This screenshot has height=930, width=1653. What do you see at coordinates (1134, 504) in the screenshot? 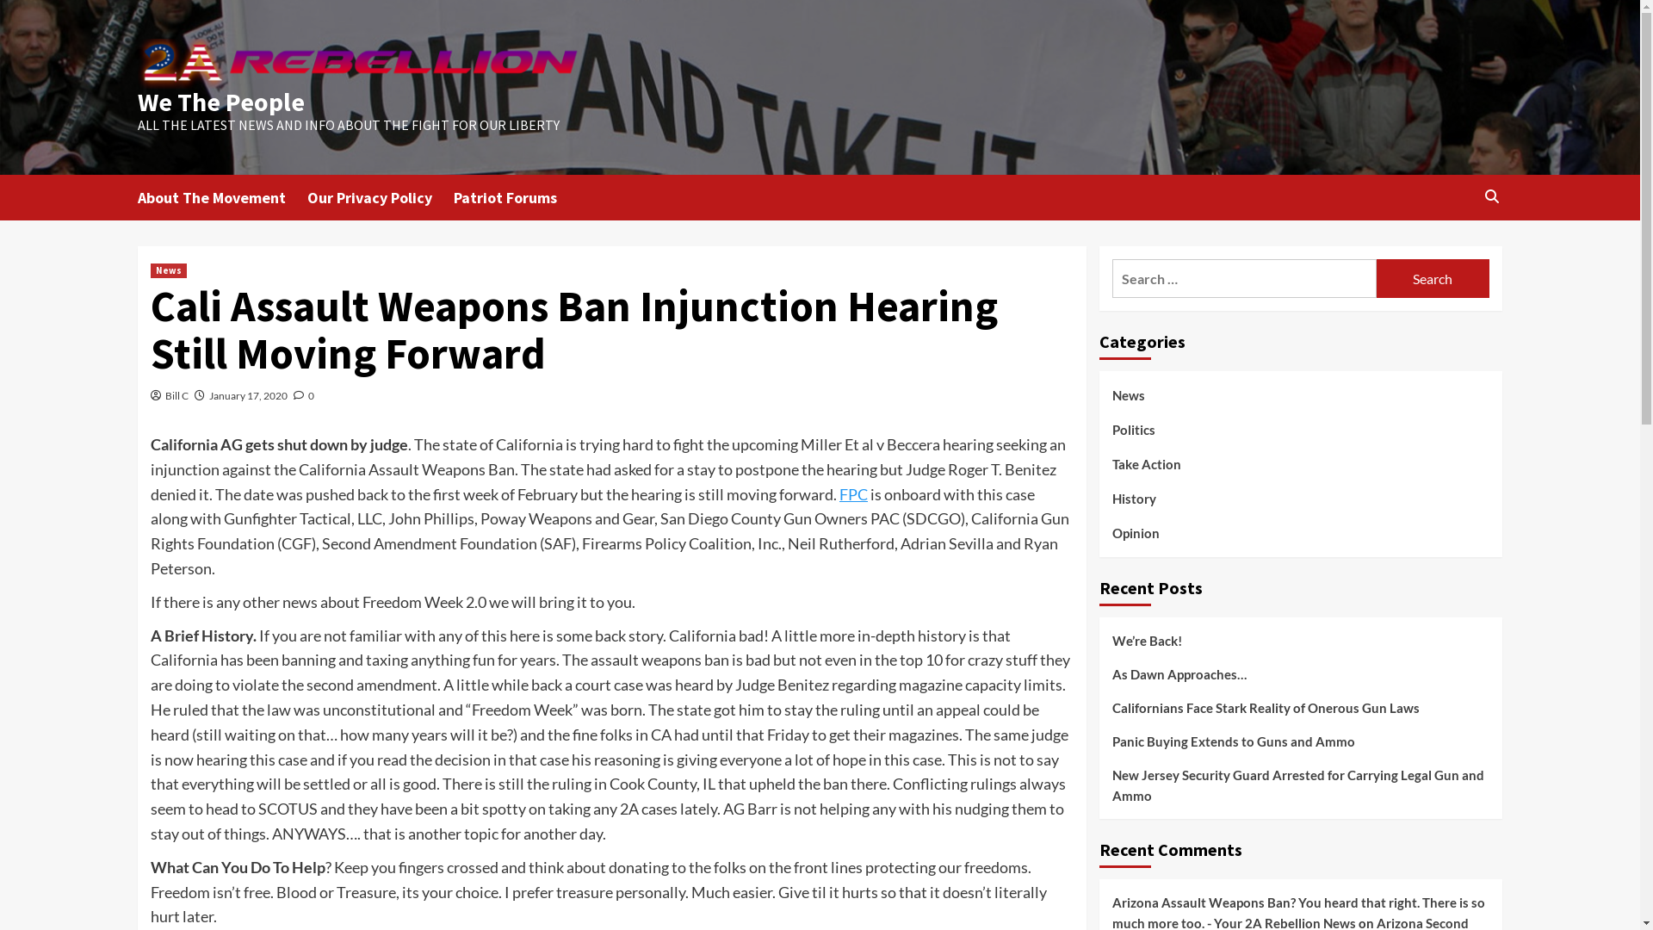
I see `'History'` at bounding box center [1134, 504].